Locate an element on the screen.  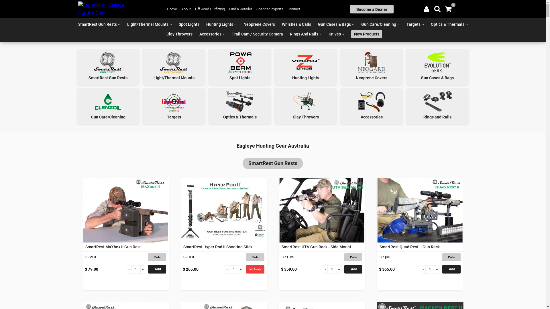
'Trail Cam / Security Camera' is located at coordinates (257, 34).